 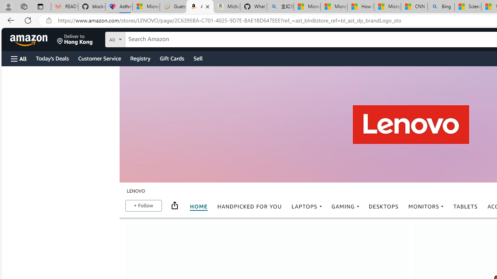 I want to click on 'Today', so click(x=52, y=58).